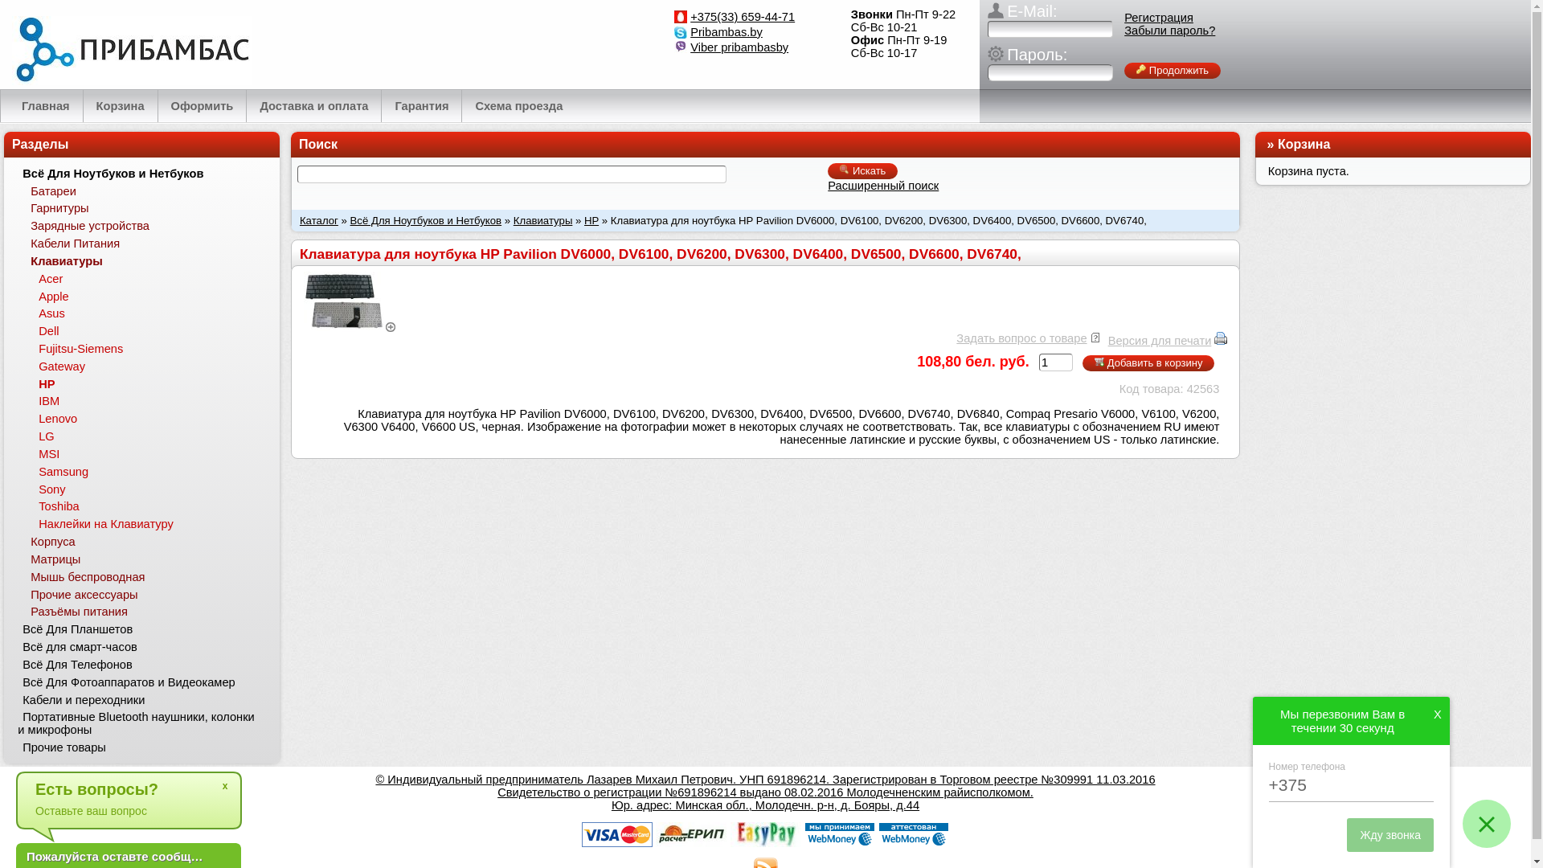  I want to click on 'Viber pribambasby', so click(739, 46).